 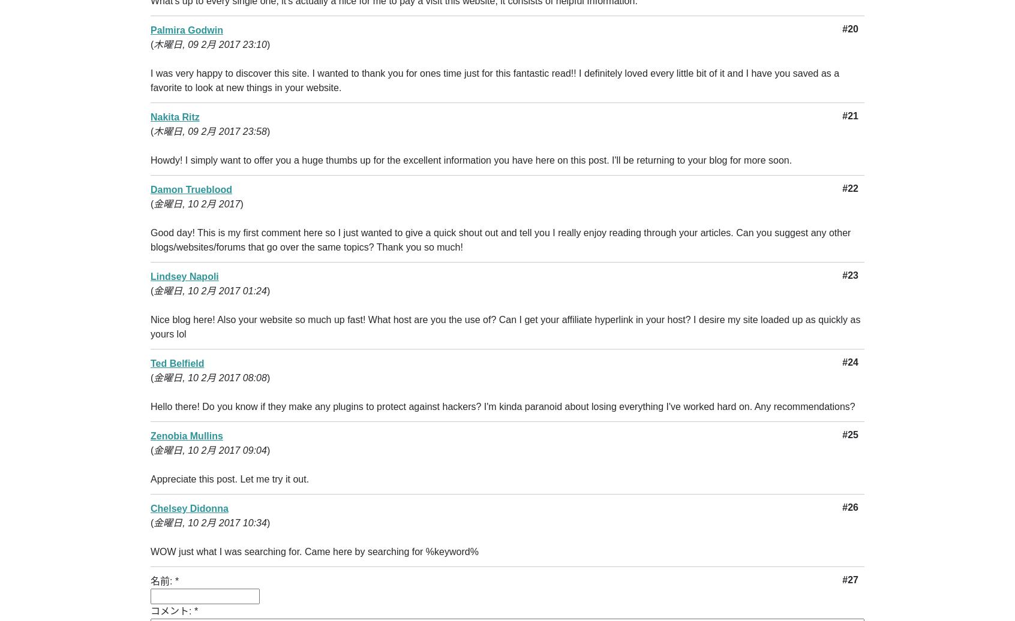 What do you see at coordinates (849, 435) in the screenshot?
I see `'#25'` at bounding box center [849, 435].